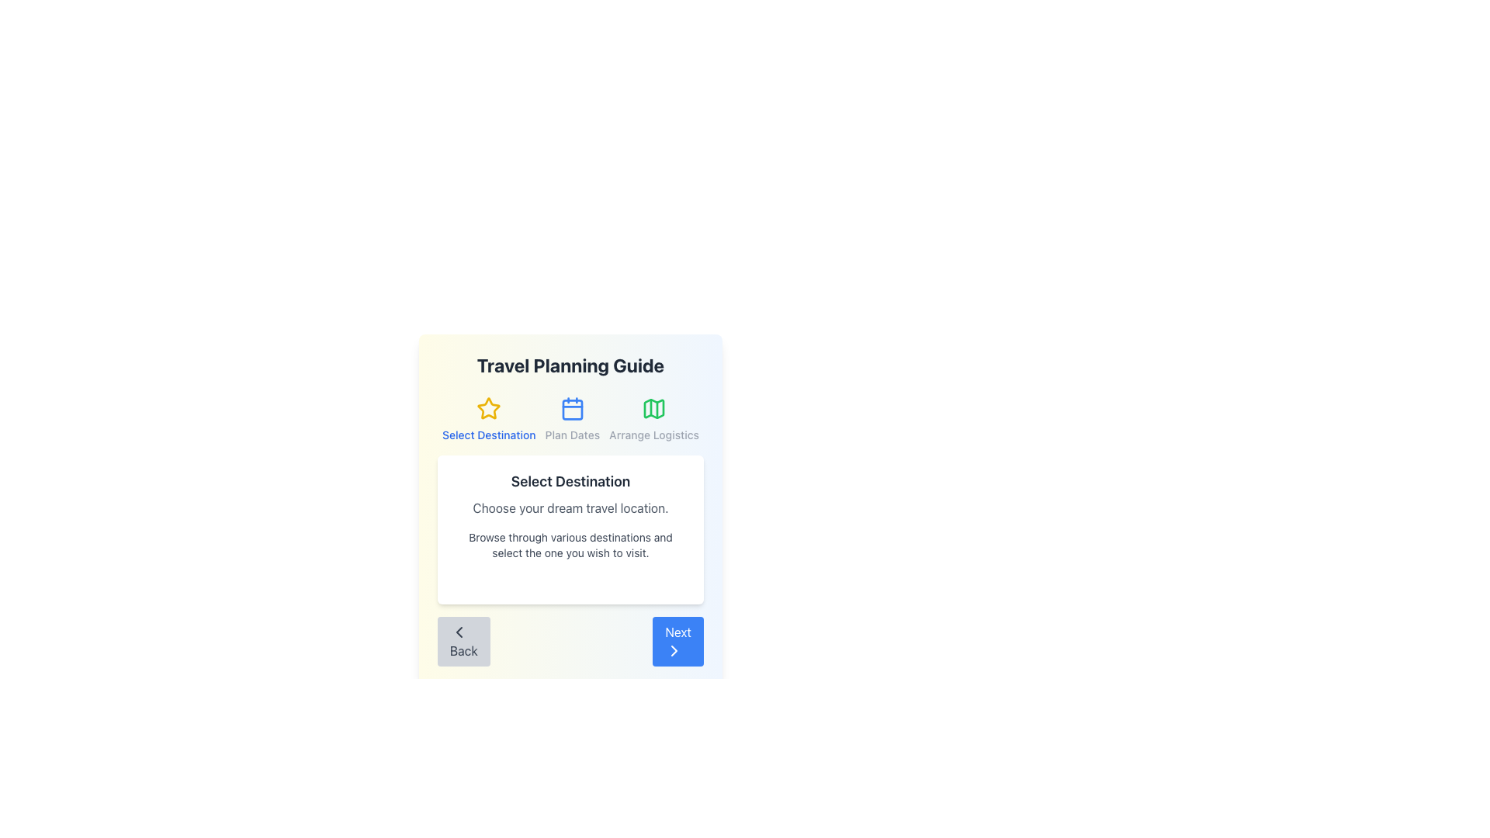 Image resolution: width=1490 pixels, height=838 pixels. I want to click on the label located directly beneath the star icon in the 'Travel Planning Guide' section, which provides context or information about the associated action, so click(488, 435).